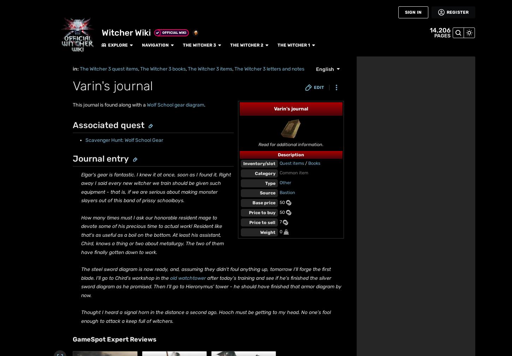 The height and width of the screenshot is (356, 512). Describe the element at coordinates (11, 253) in the screenshot. I see `'Start a Wiki'` at that location.